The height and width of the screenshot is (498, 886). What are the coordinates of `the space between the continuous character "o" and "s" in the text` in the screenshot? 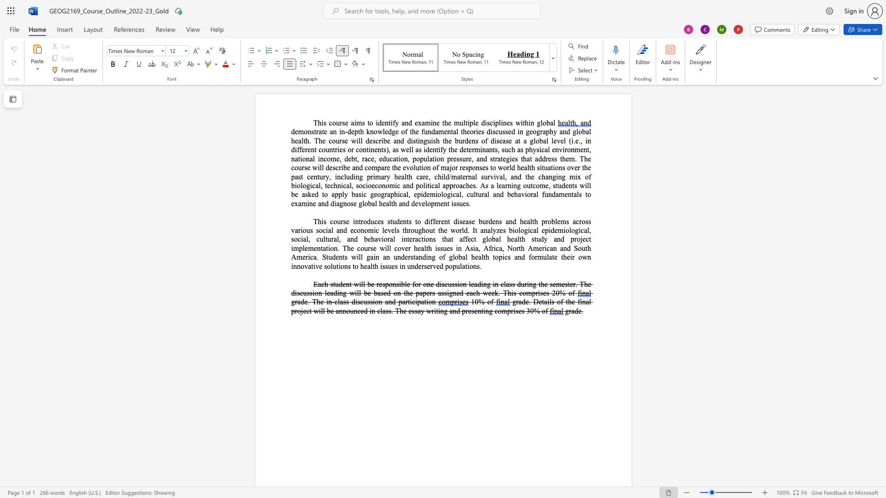 It's located at (350, 203).